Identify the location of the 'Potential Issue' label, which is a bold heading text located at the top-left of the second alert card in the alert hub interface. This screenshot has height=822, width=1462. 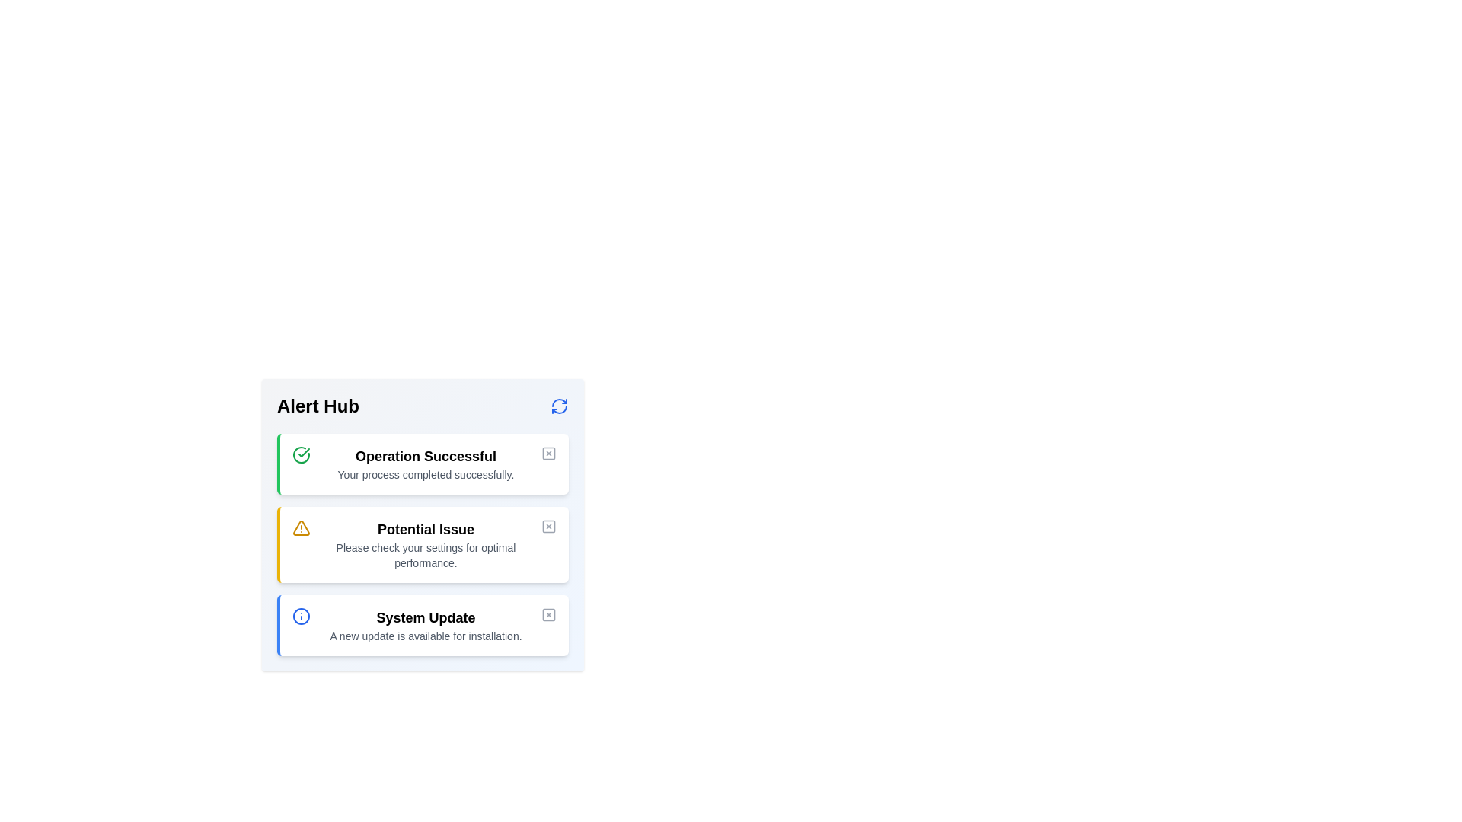
(426, 528).